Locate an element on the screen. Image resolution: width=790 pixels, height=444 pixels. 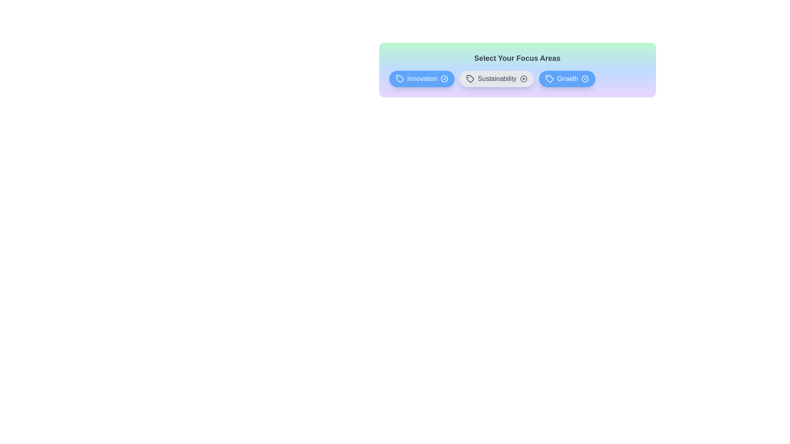
the tag Sustainability is located at coordinates (496, 79).